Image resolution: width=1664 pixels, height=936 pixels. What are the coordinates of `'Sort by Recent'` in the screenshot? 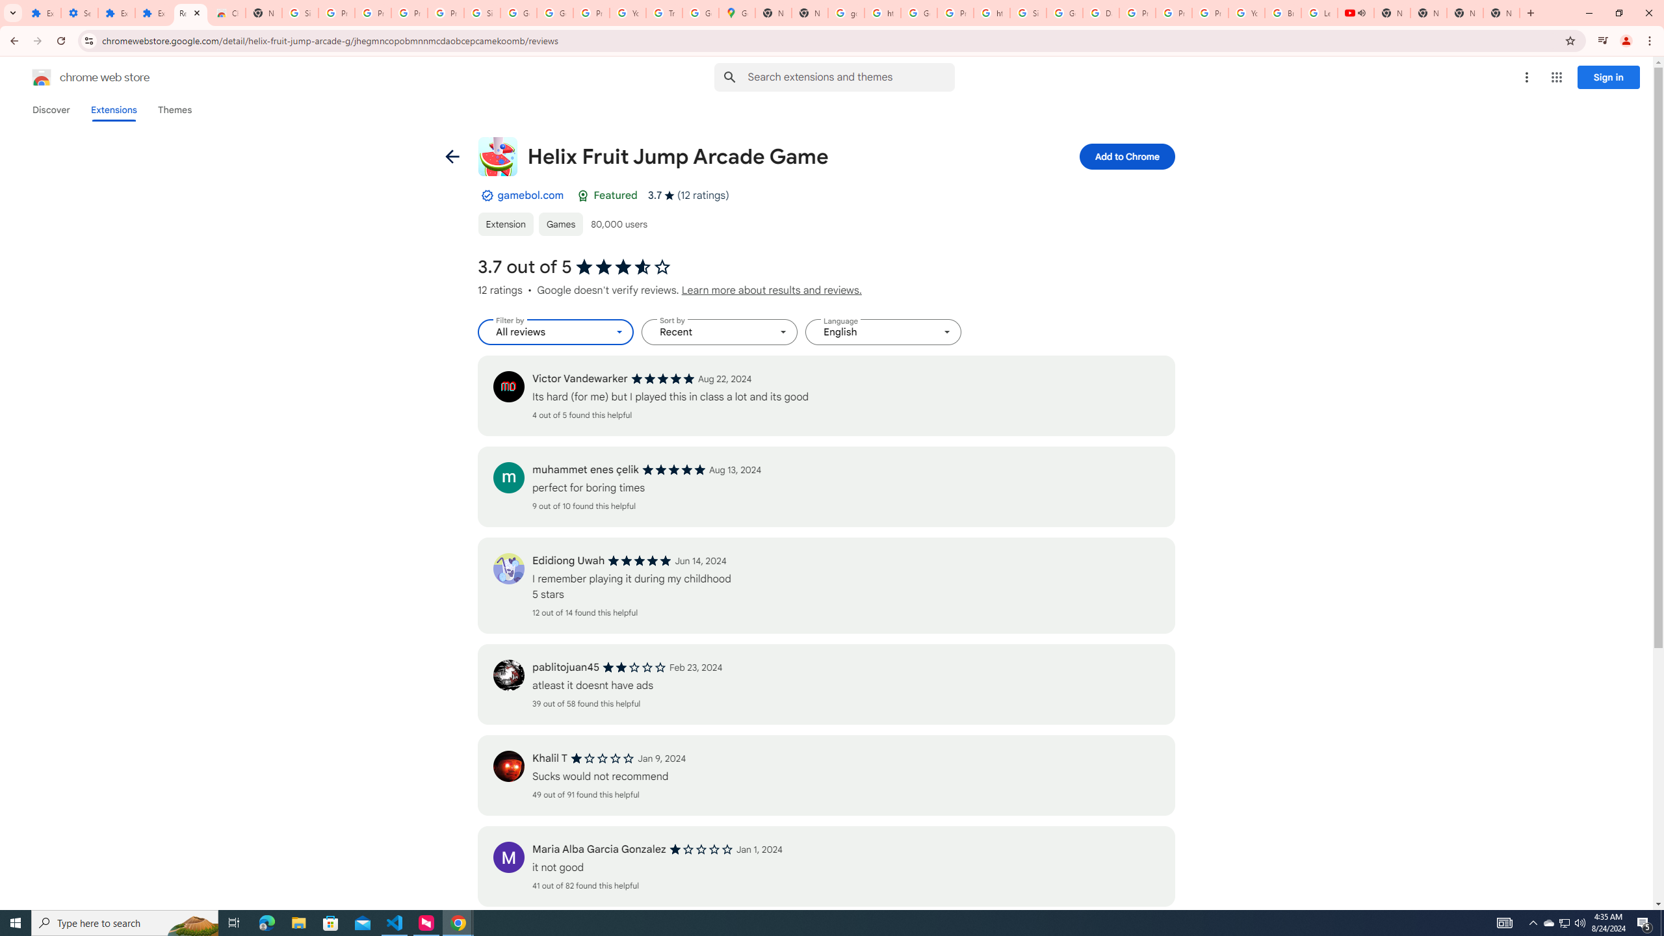 It's located at (719, 331).